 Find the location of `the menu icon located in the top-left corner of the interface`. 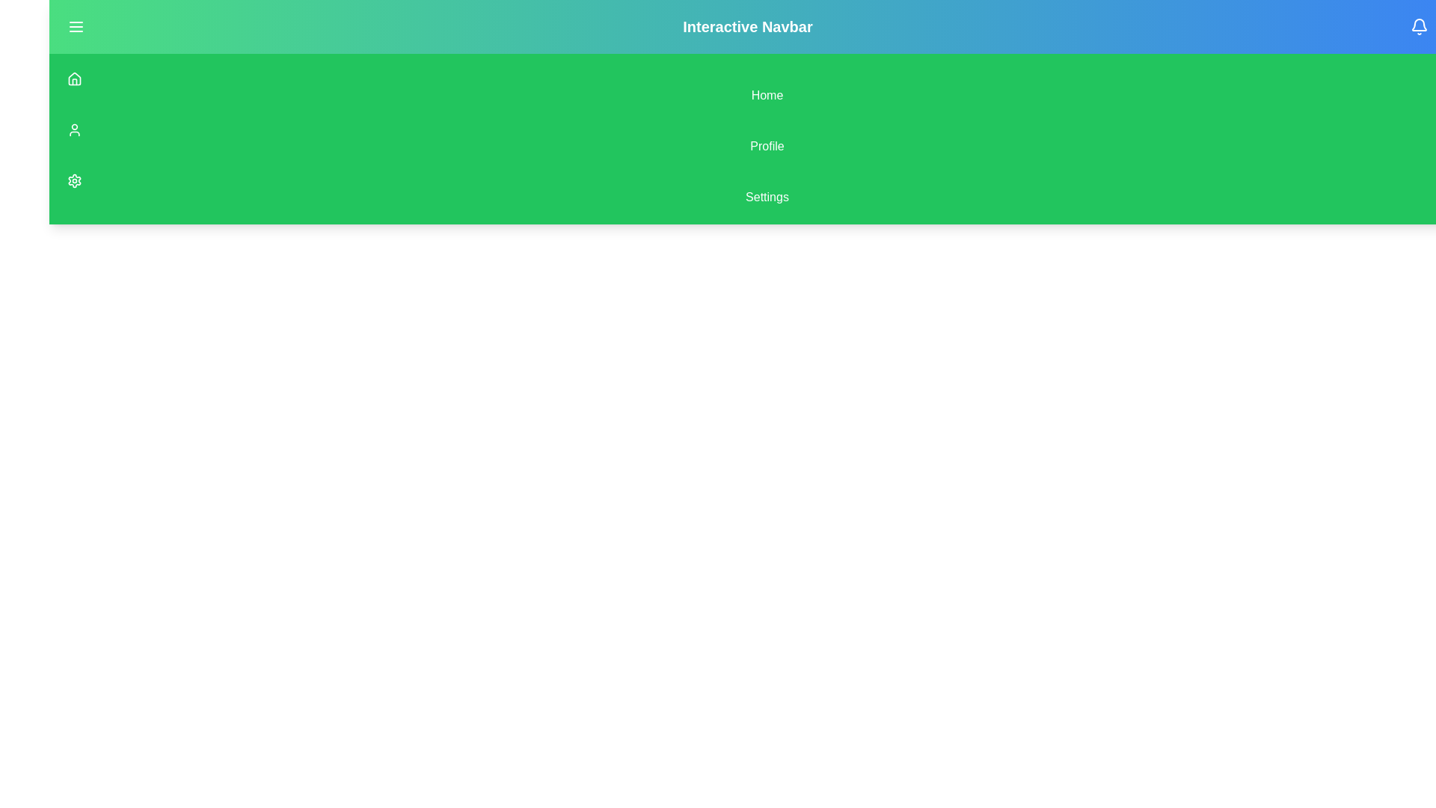

the menu icon located in the top-left corner of the interface is located at coordinates (75, 26).